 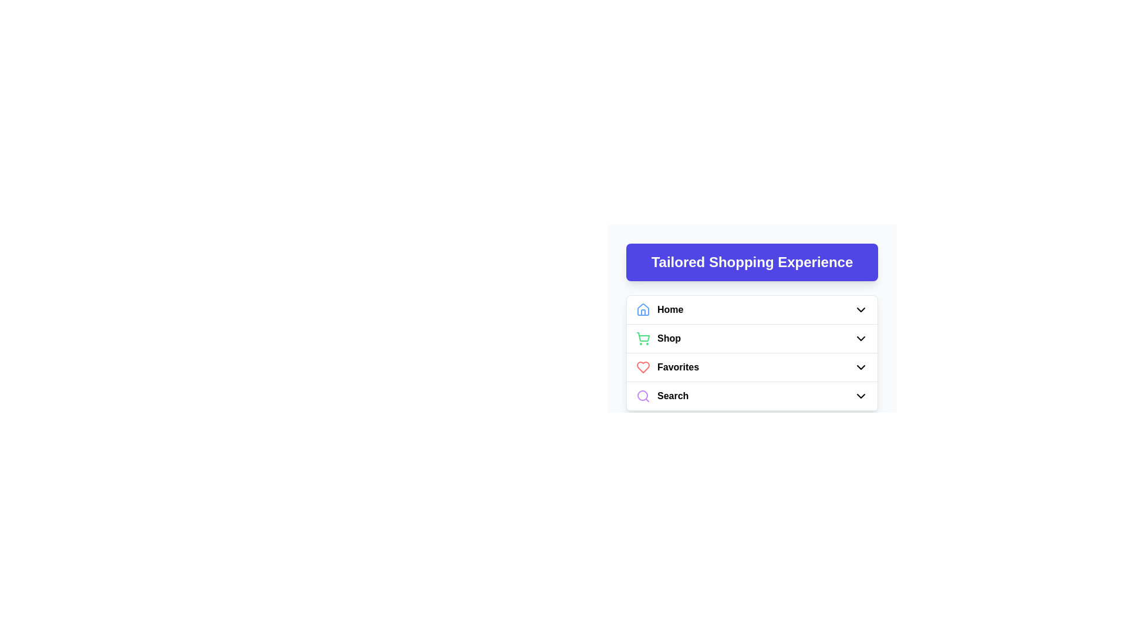 What do you see at coordinates (752, 339) in the screenshot?
I see `the 'Shop' button located in the 'Tailored Shopping Experience' section, which is the second menu item below 'Home' and above 'Favorites'` at bounding box center [752, 339].